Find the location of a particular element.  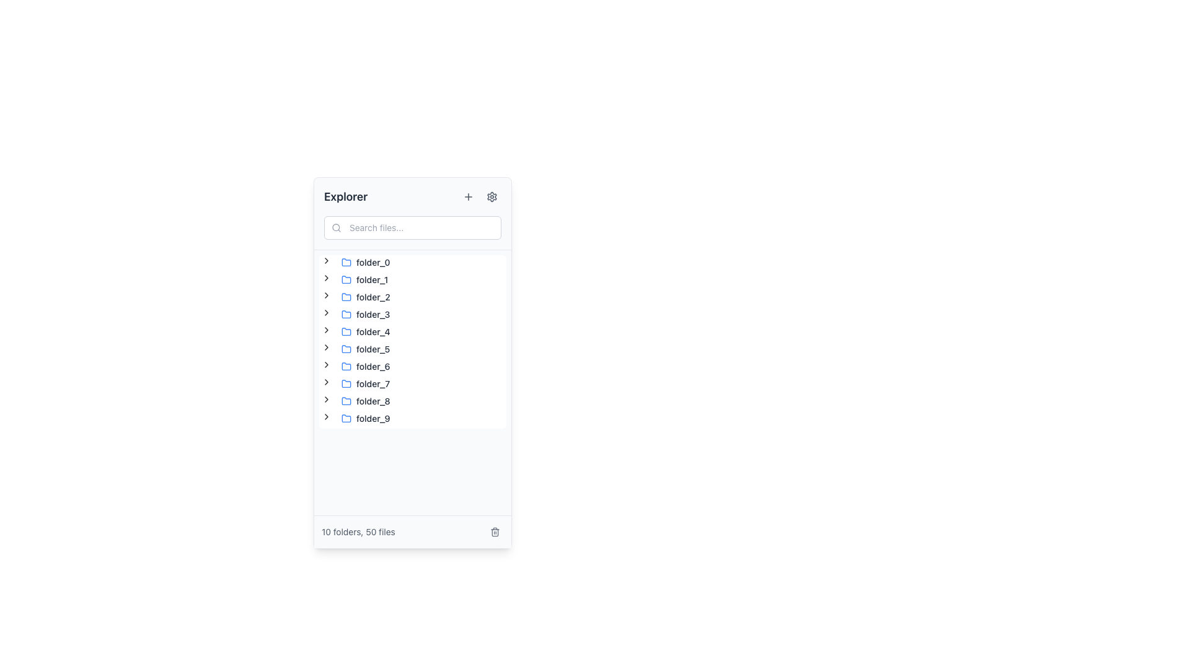

the text label representing the folder labeled 'folder_0' in the hierarchical tree view is located at coordinates (365, 262).